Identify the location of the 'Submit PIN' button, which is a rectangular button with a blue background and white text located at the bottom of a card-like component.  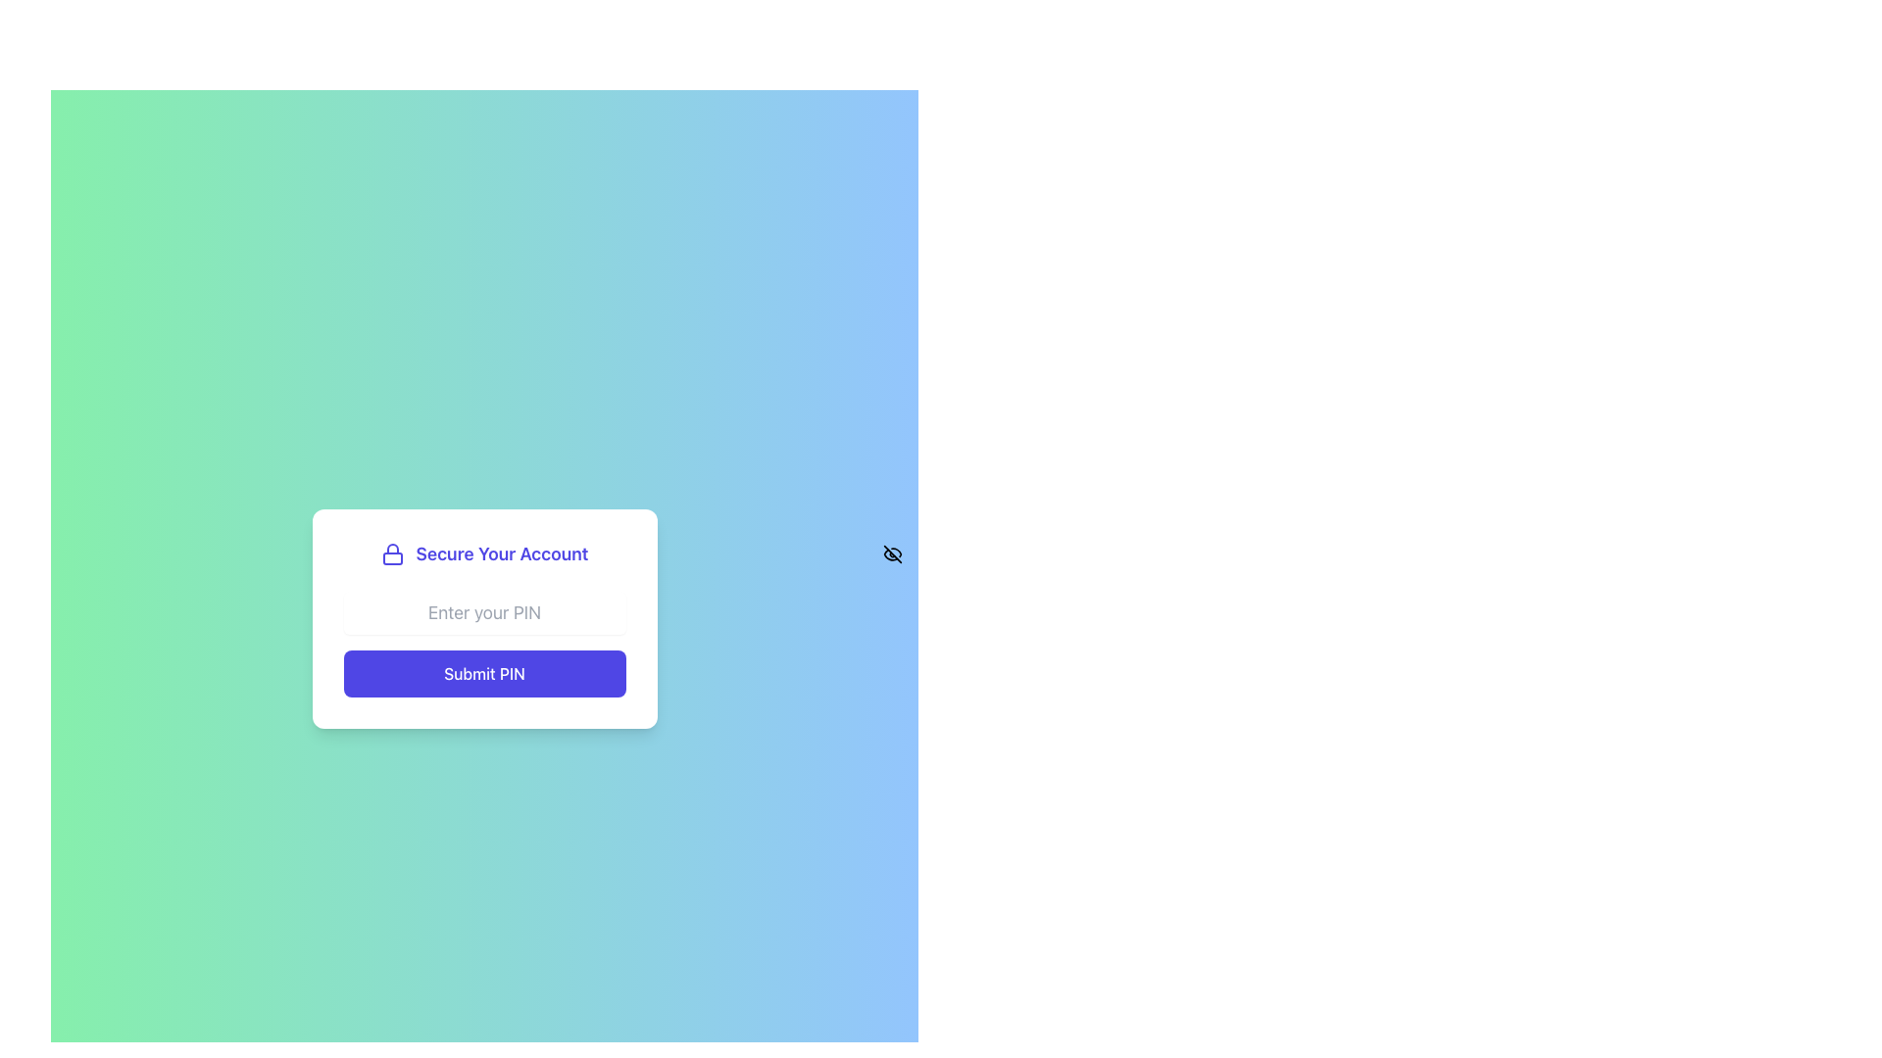
(484, 672).